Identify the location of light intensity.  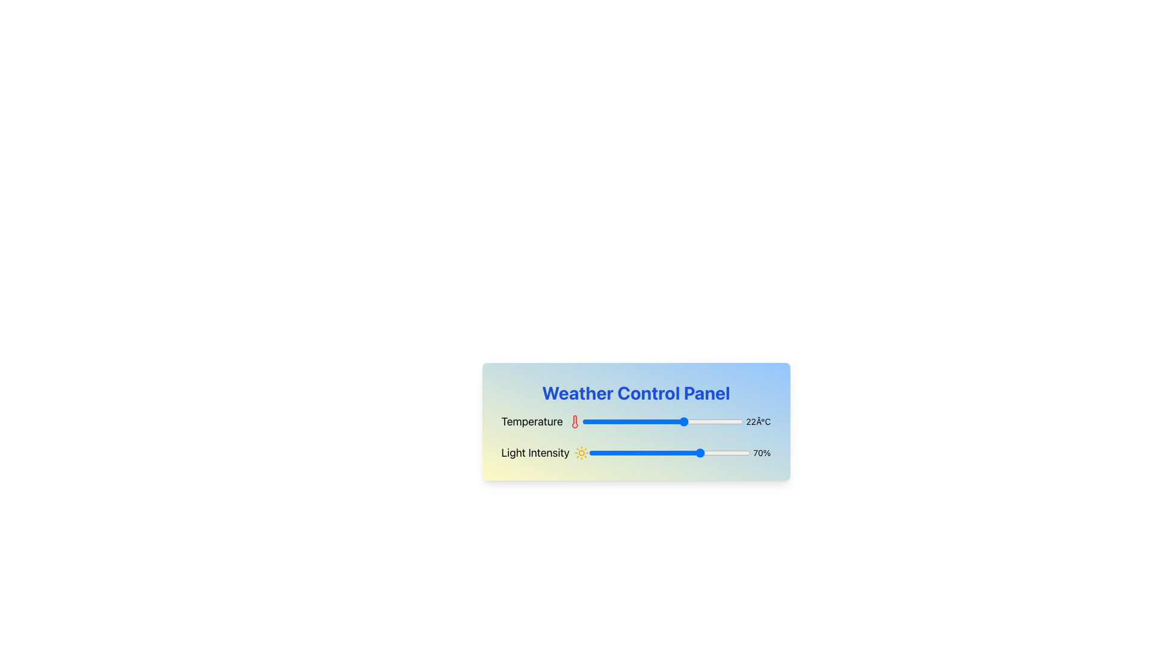
(689, 452).